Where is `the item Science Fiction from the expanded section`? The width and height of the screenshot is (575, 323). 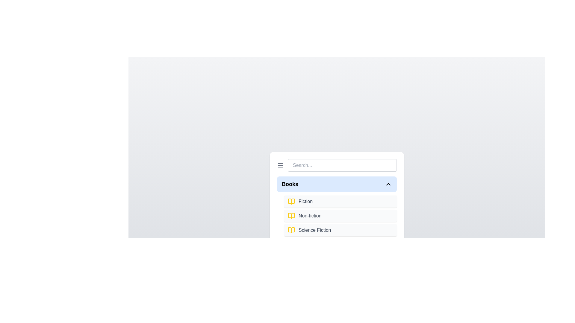
the item Science Fiction from the expanded section is located at coordinates (341, 230).